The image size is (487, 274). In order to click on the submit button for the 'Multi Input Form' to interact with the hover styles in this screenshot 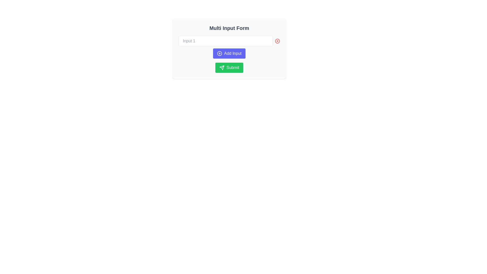, I will do `click(229, 67)`.